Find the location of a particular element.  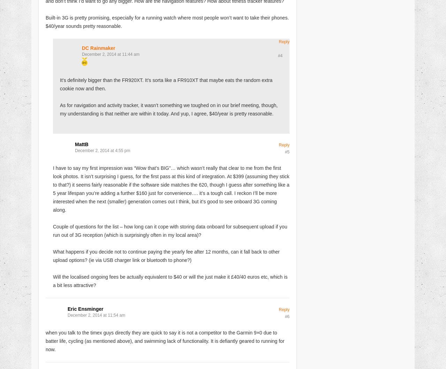

'Built-in 3G is pretty promising, especially for a running watch where most people won’t want to take their phones.  $40/year sounds pretty reasonable.' is located at coordinates (45, 21).